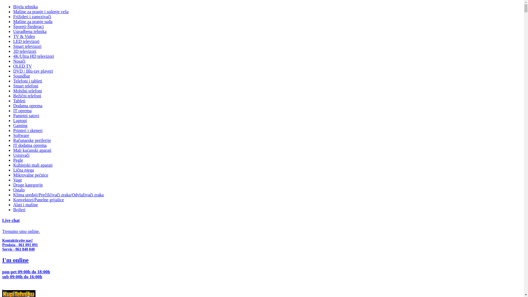  I want to click on 'TV & Video', so click(24, 36).